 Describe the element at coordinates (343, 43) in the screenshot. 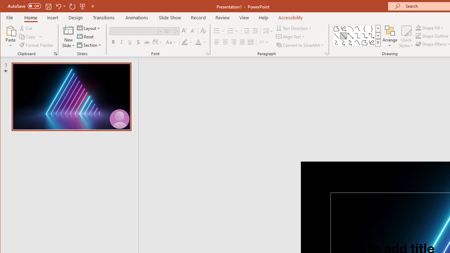

I see `'Connector: Curved Arrow'` at that location.